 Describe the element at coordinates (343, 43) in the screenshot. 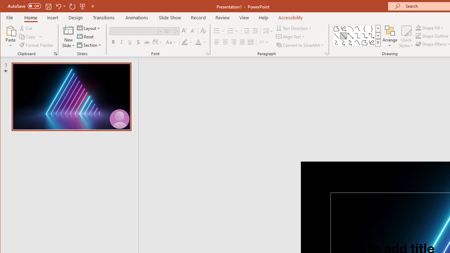

I see `'Connector: Curved Arrow'` at that location.